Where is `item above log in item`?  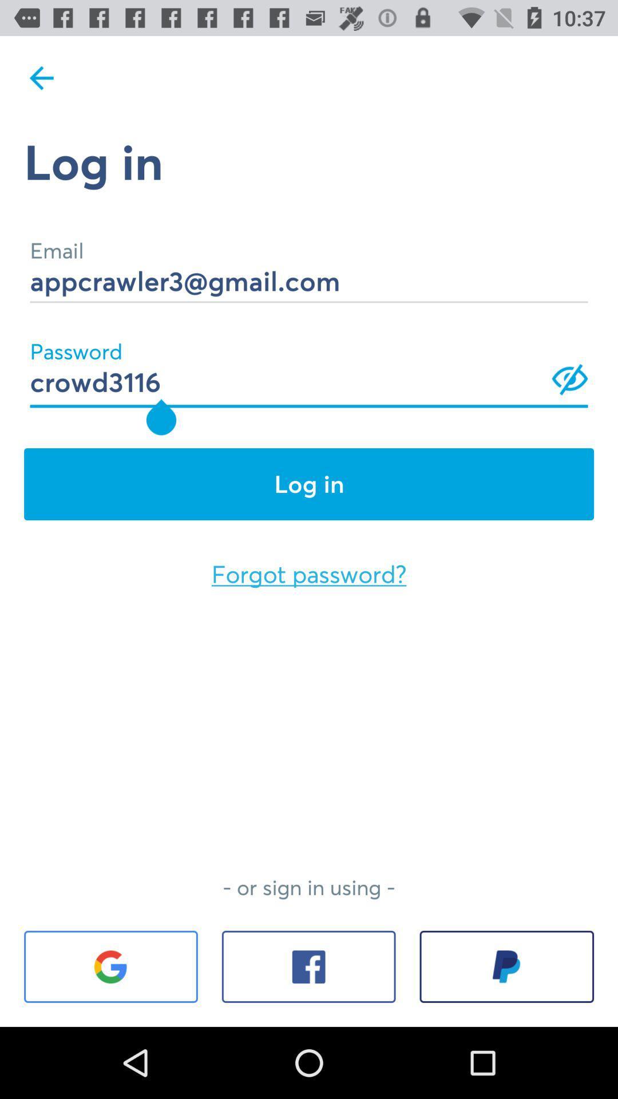 item above log in item is located at coordinates (41, 77).